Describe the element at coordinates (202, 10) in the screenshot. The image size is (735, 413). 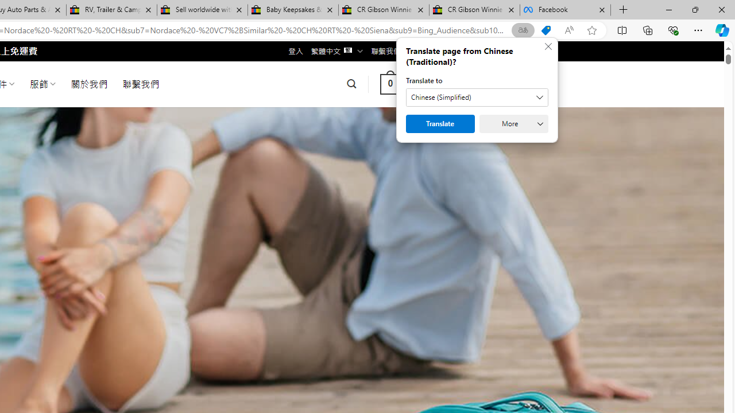
I see `'Sell worldwide with eBay'` at that location.